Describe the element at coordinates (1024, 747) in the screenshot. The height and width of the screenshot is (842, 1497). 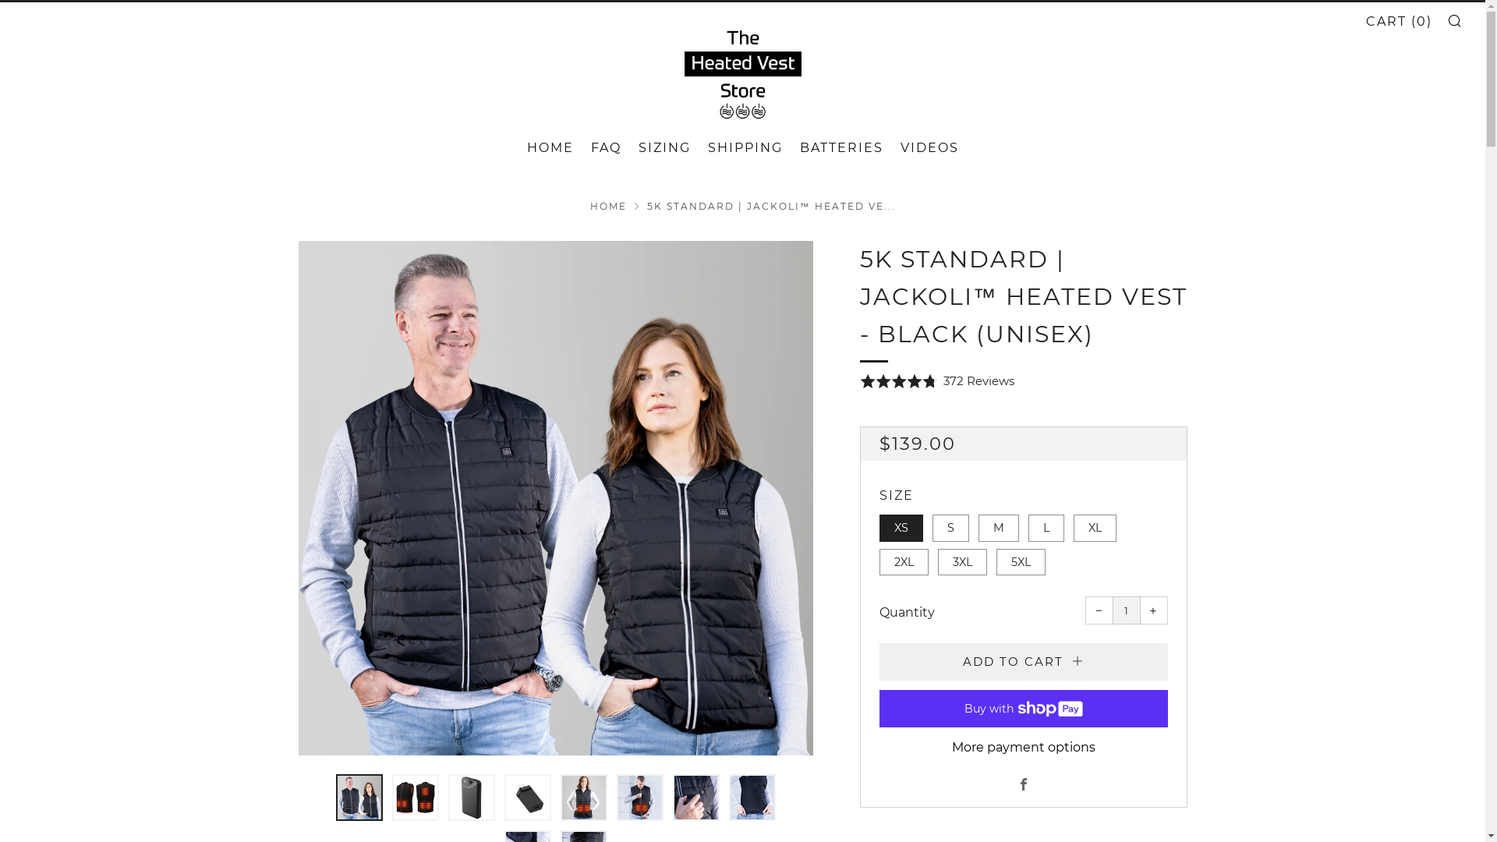
I see `'More payment options'` at that location.